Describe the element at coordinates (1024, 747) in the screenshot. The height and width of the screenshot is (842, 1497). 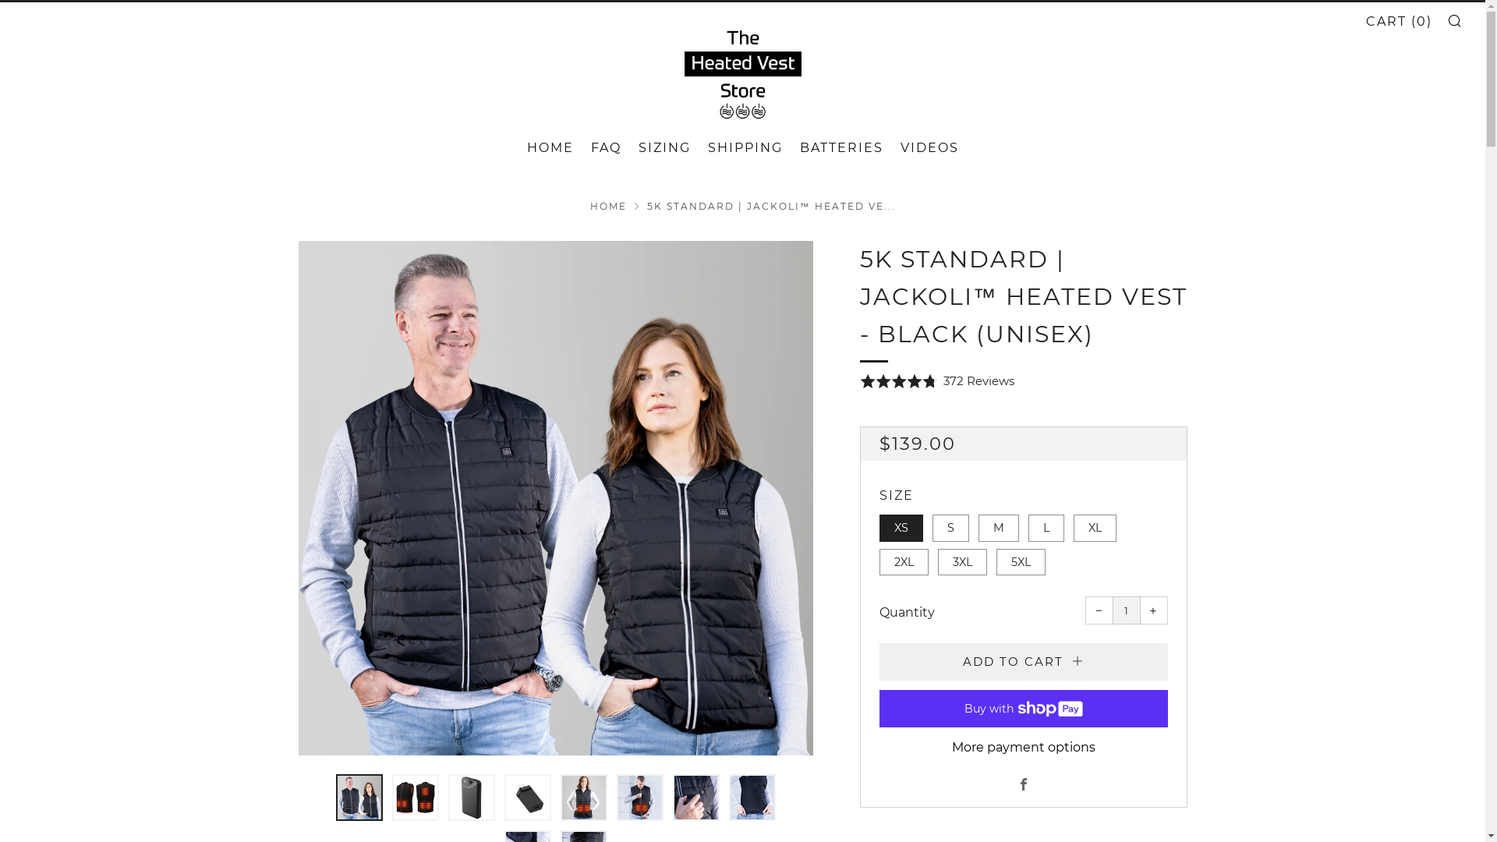
I see `'More payment options'` at that location.